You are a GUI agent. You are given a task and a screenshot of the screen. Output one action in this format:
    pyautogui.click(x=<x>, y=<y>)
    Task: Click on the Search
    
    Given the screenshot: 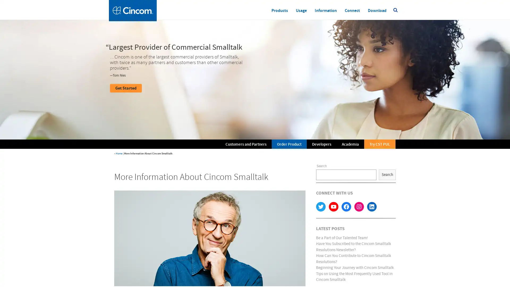 What is the action you would take?
    pyautogui.click(x=387, y=175)
    